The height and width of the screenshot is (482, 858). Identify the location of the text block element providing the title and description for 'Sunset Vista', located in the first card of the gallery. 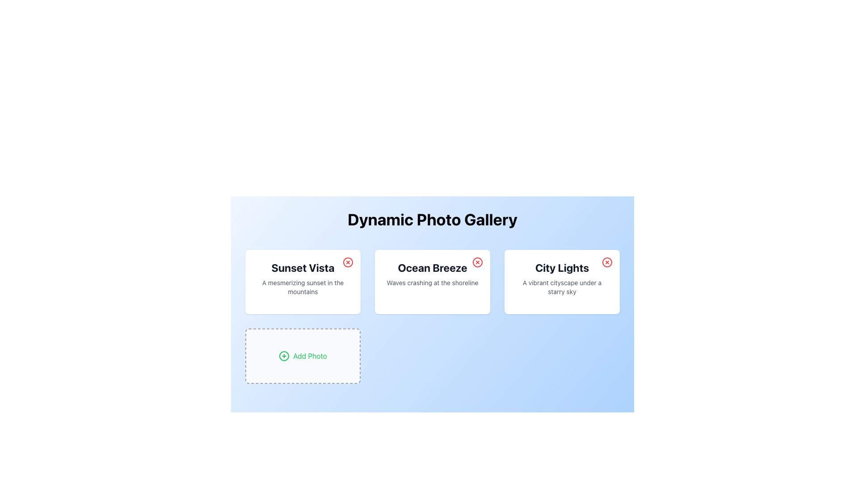
(303, 278).